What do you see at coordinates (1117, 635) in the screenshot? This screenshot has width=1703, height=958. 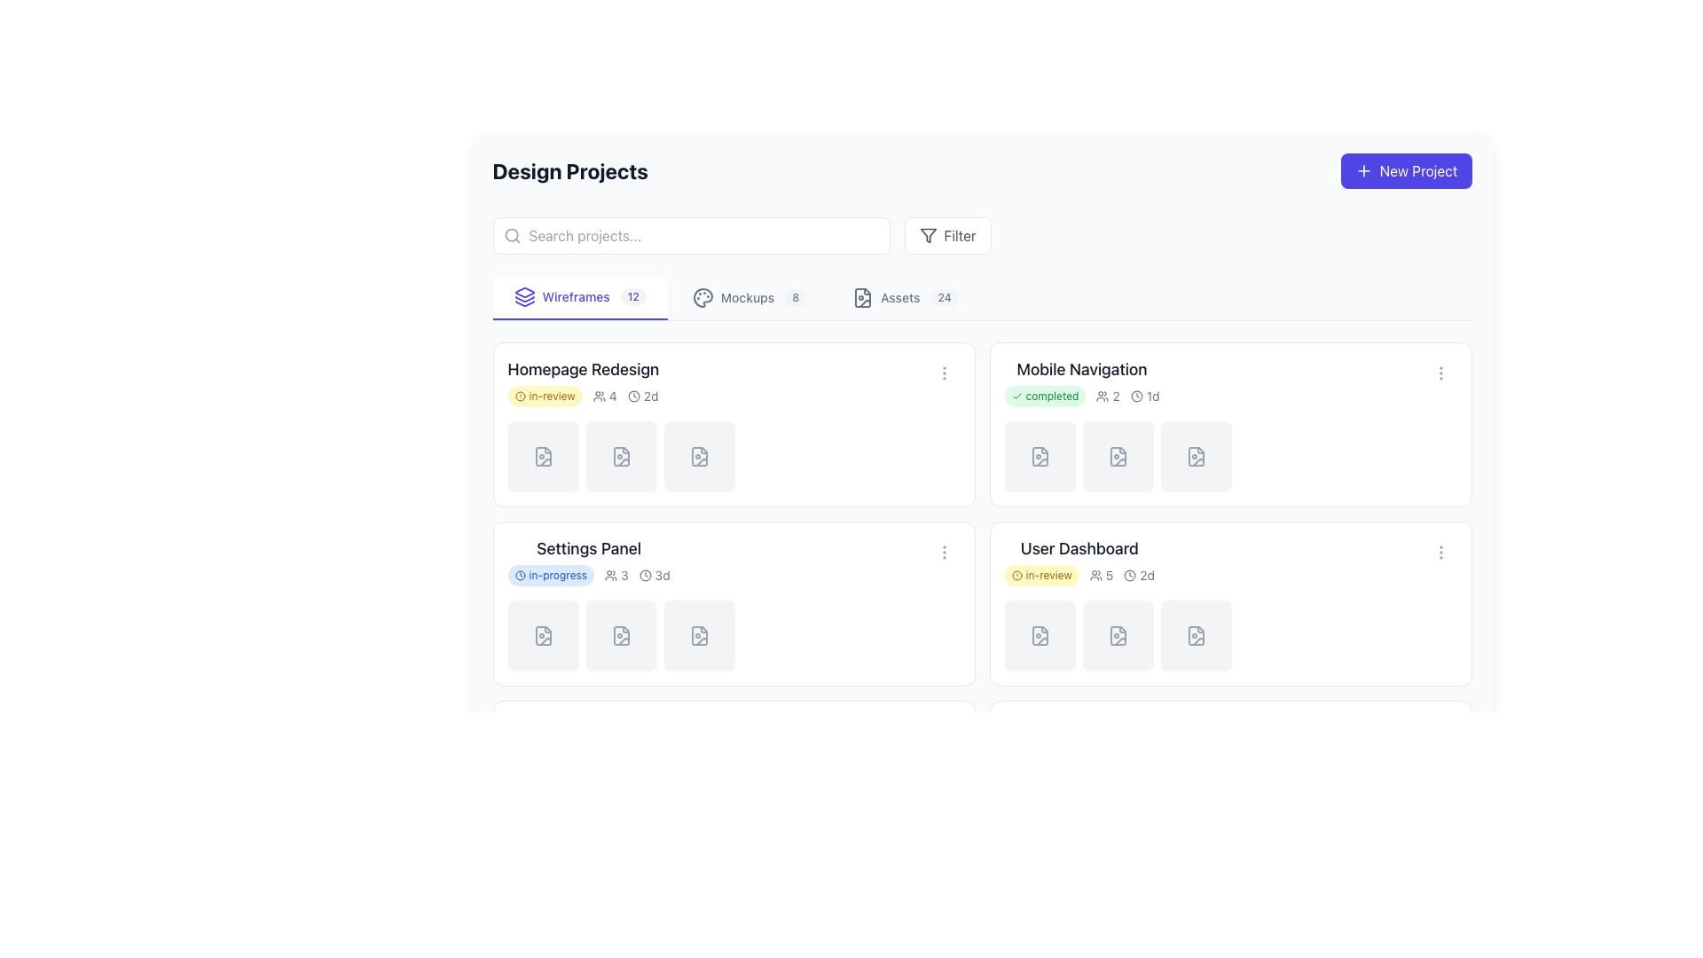 I see `the second icon representing a document with an image overlay` at bounding box center [1117, 635].